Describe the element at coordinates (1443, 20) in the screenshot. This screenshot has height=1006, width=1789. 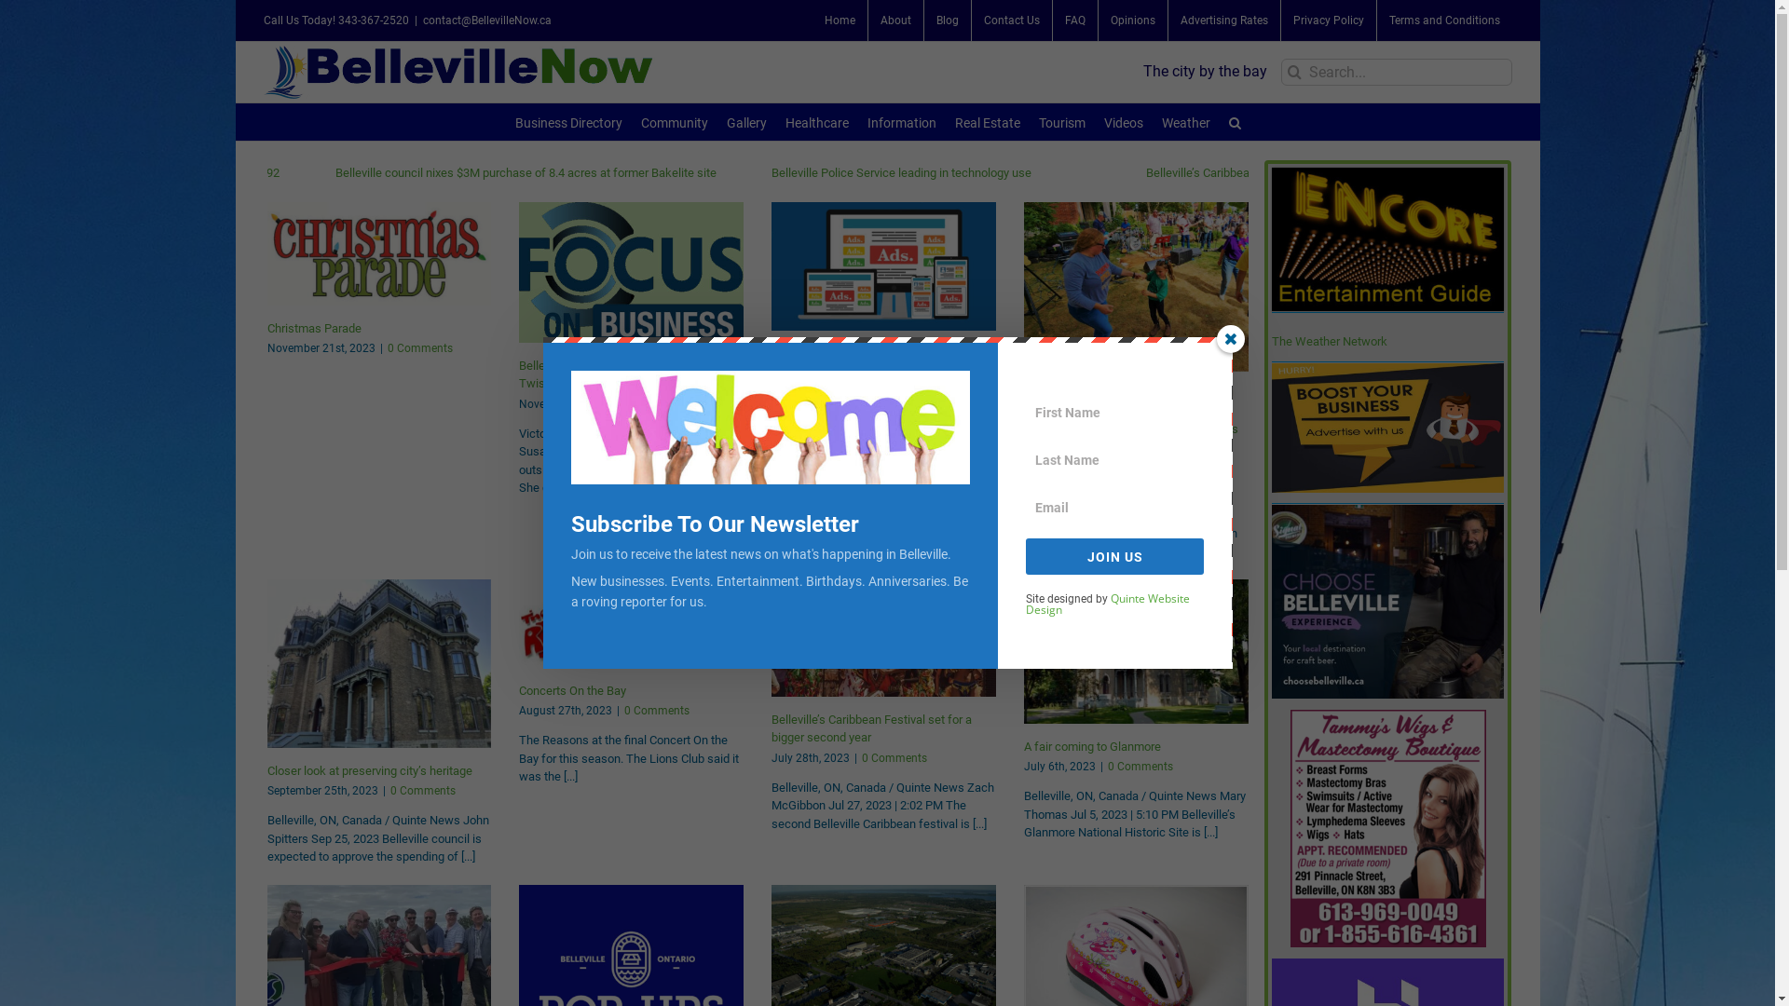
I see `'Terms and Conditions'` at that location.